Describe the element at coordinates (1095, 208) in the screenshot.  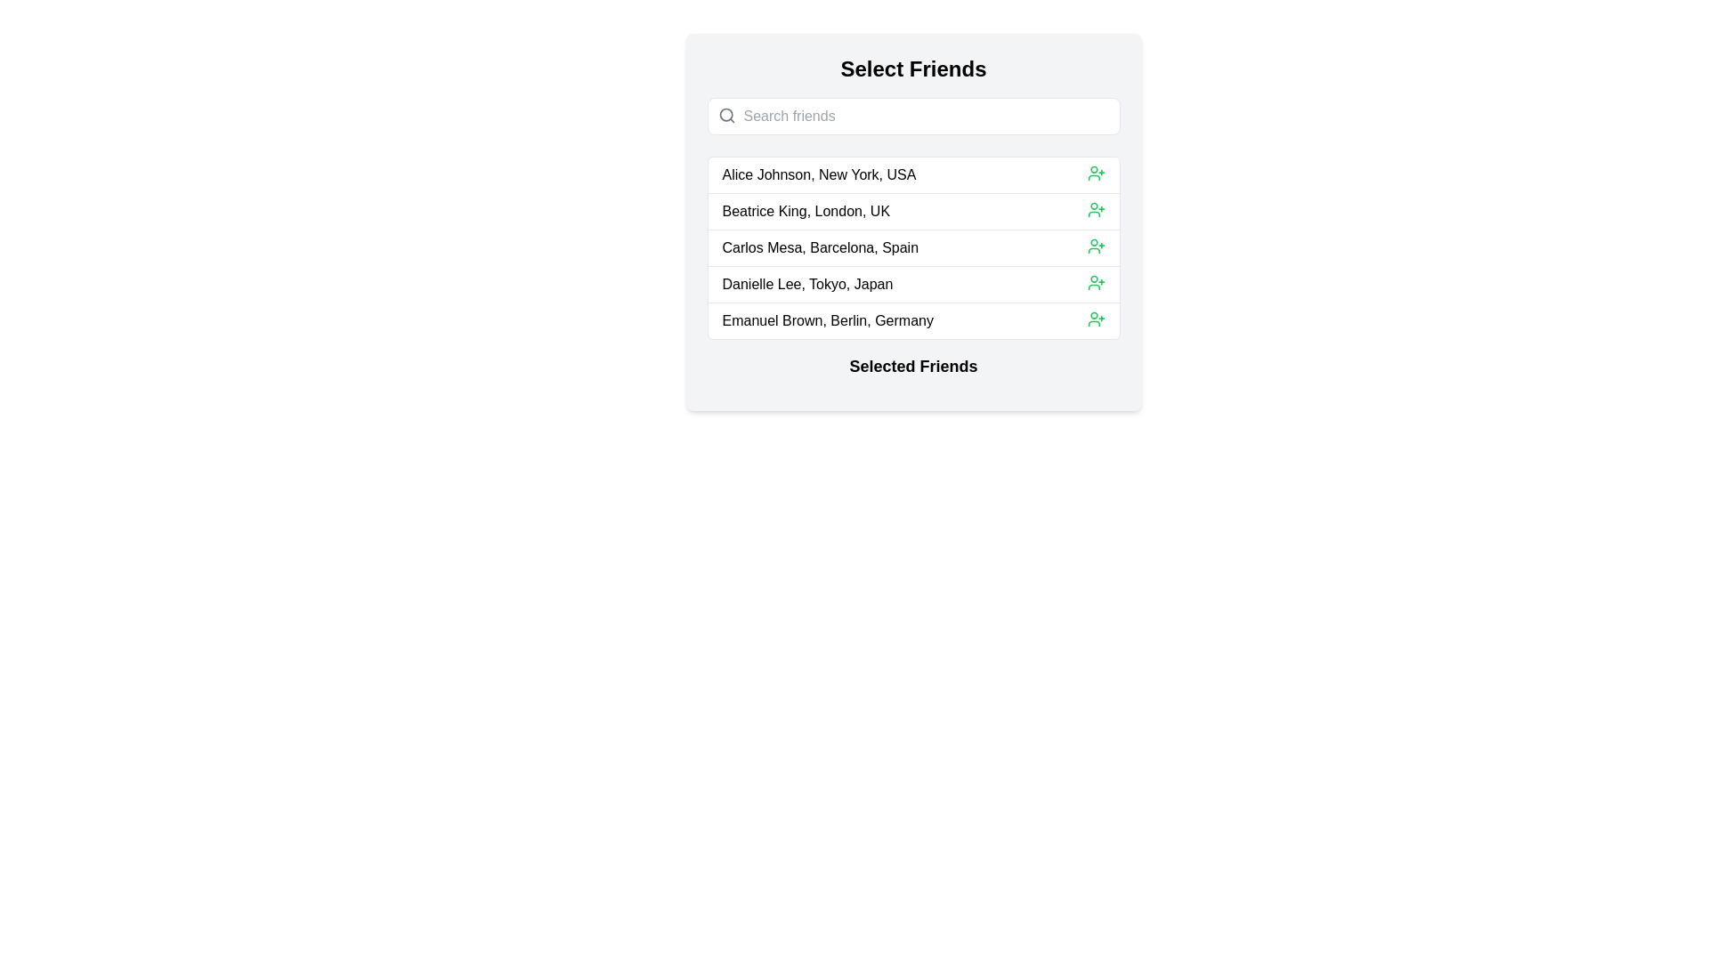
I see `the green user icon with a plus sign, located to the far right of 'Beatrice King, London, UK'` at that location.